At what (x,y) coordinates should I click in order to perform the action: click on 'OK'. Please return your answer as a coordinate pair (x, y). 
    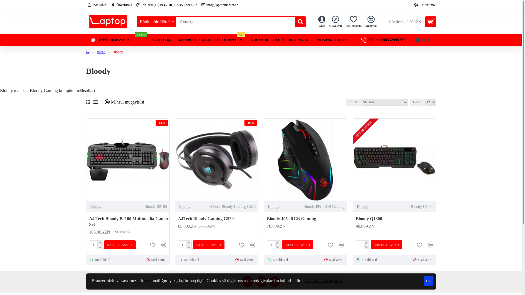
    Looking at the image, I should click on (428, 281).